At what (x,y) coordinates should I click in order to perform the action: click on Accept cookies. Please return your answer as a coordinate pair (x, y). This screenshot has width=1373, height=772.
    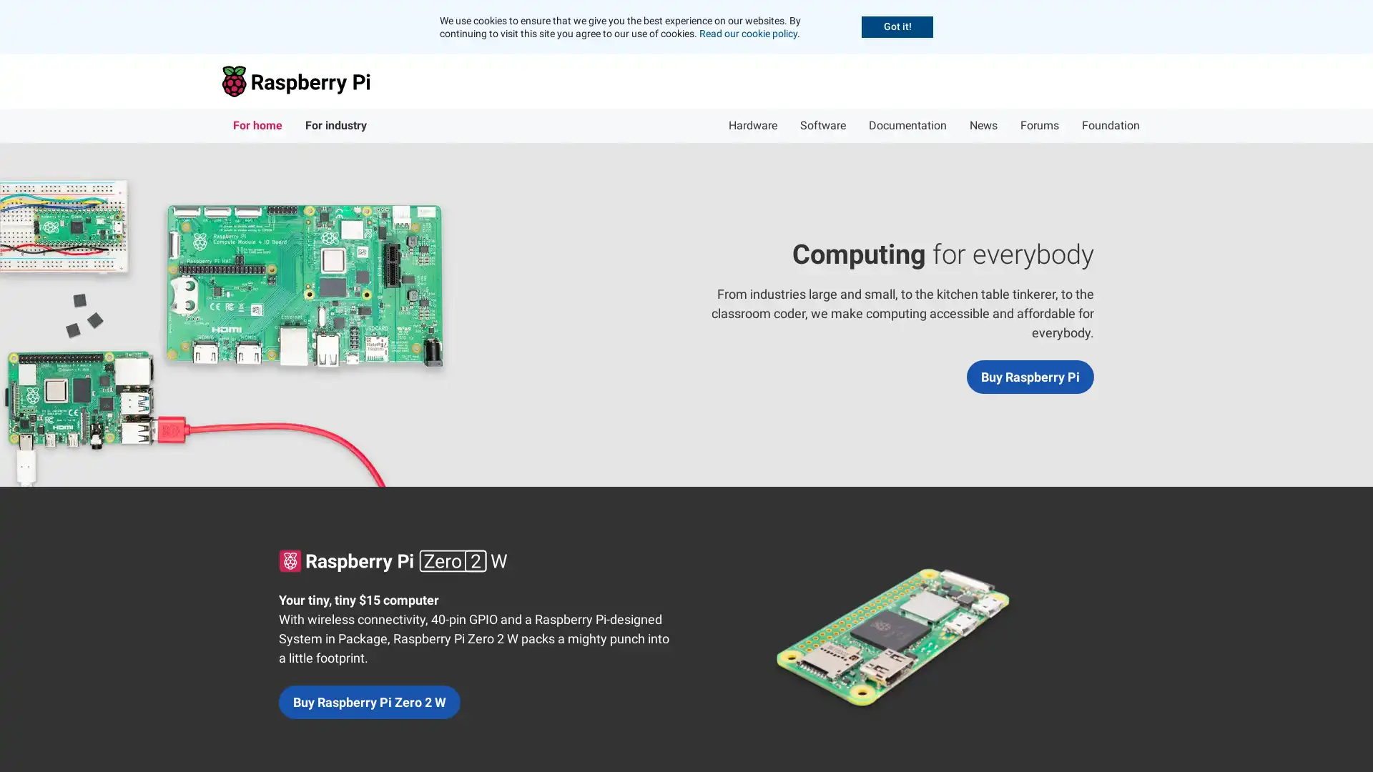
    Looking at the image, I should click on (896, 26).